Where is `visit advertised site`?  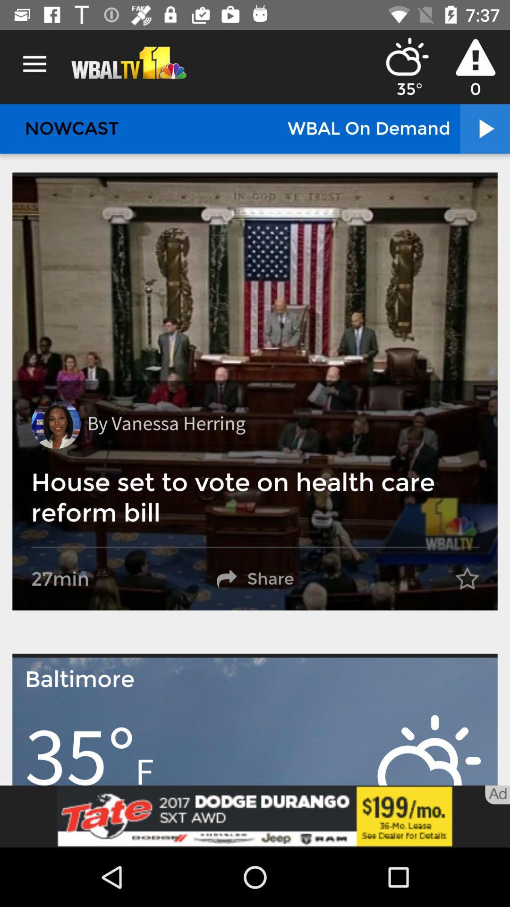
visit advertised site is located at coordinates (255, 816).